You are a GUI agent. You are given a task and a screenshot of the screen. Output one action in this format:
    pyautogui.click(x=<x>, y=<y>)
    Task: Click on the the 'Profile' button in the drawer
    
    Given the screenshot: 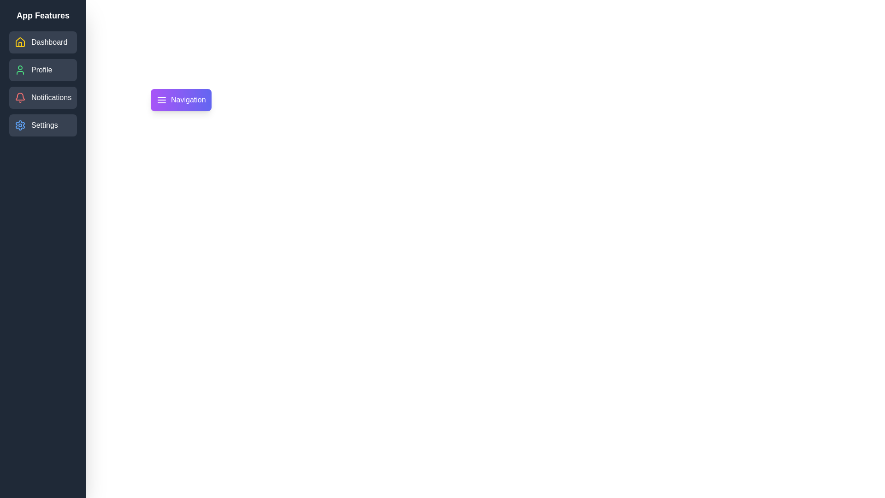 What is the action you would take?
    pyautogui.click(x=42, y=69)
    